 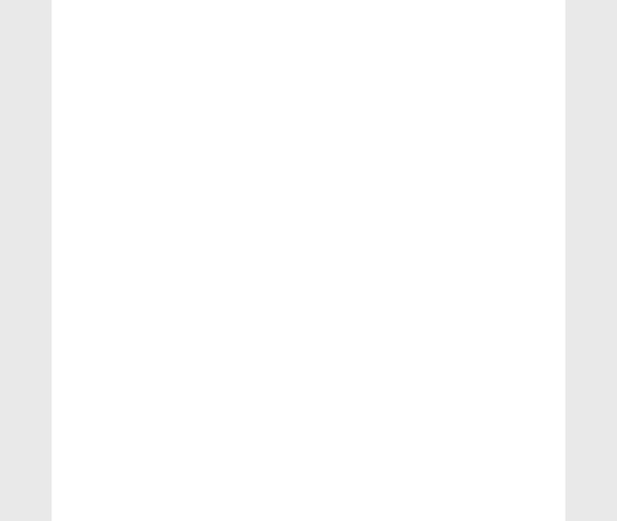 What do you see at coordinates (481, 445) in the screenshot?
I see `'Maths by Ashwani Kumar'` at bounding box center [481, 445].